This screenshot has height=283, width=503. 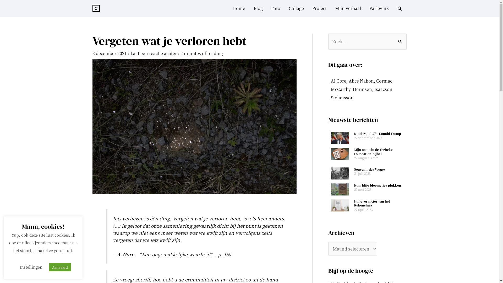 What do you see at coordinates (59, 267) in the screenshot?
I see `'Aanvaard'` at bounding box center [59, 267].